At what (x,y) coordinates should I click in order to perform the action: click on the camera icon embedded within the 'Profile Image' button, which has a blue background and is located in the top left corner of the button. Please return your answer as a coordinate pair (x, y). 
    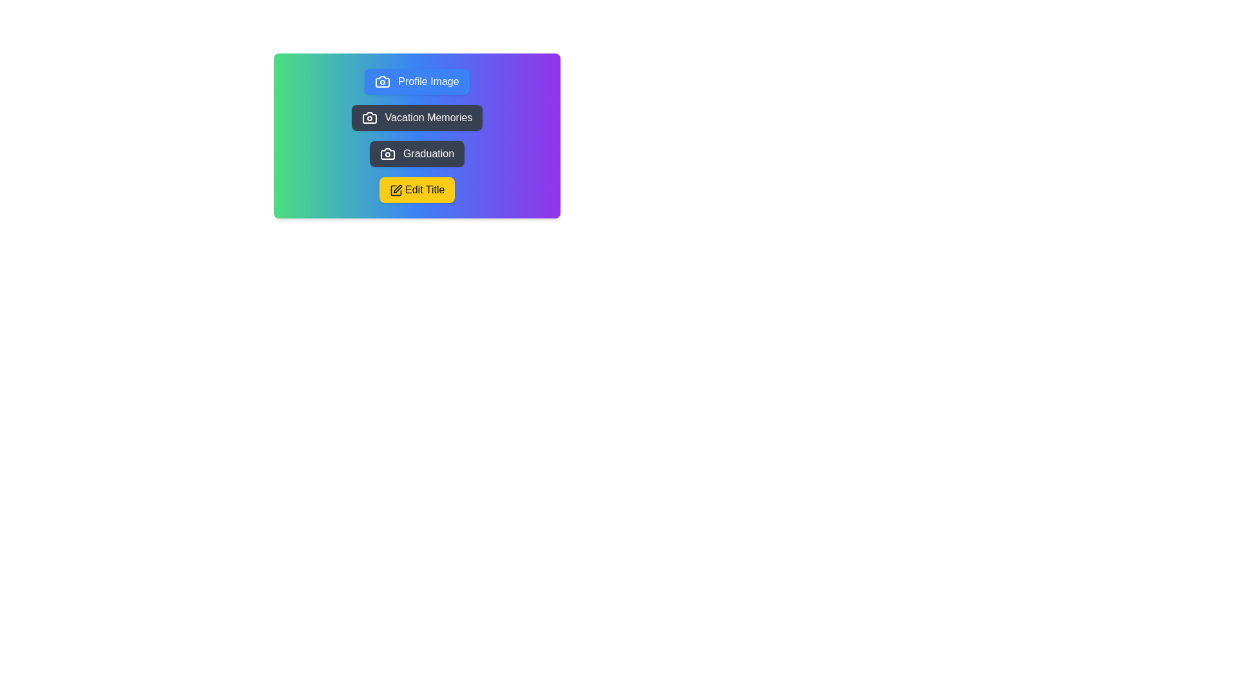
    Looking at the image, I should click on (382, 82).